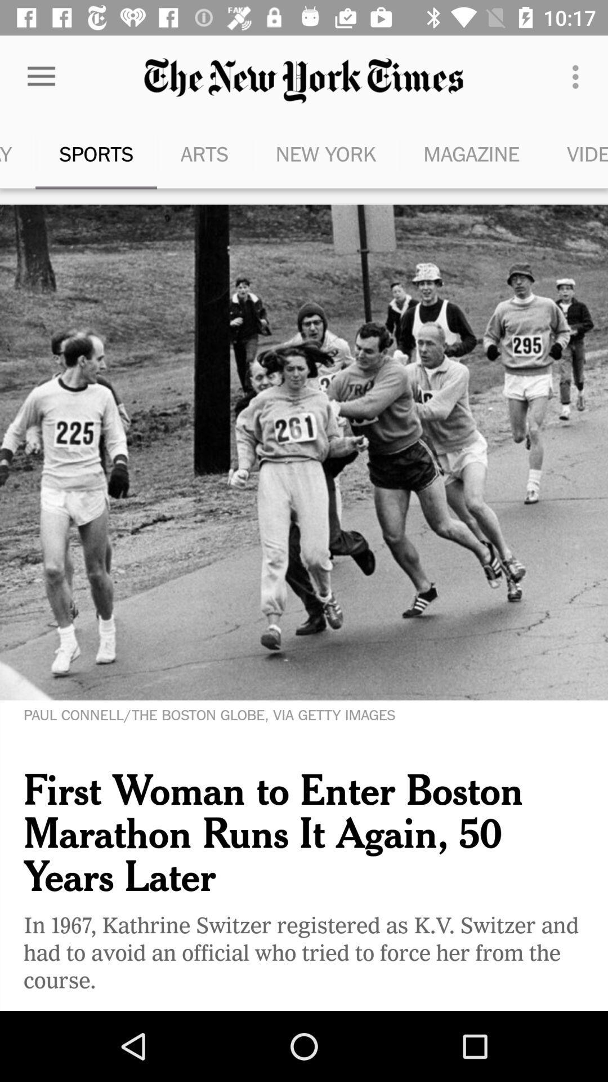 This screenshot has height=1082, width=608. Describe the element at coordinates (575, 153) in the screenshot. I see `the video` at that location.